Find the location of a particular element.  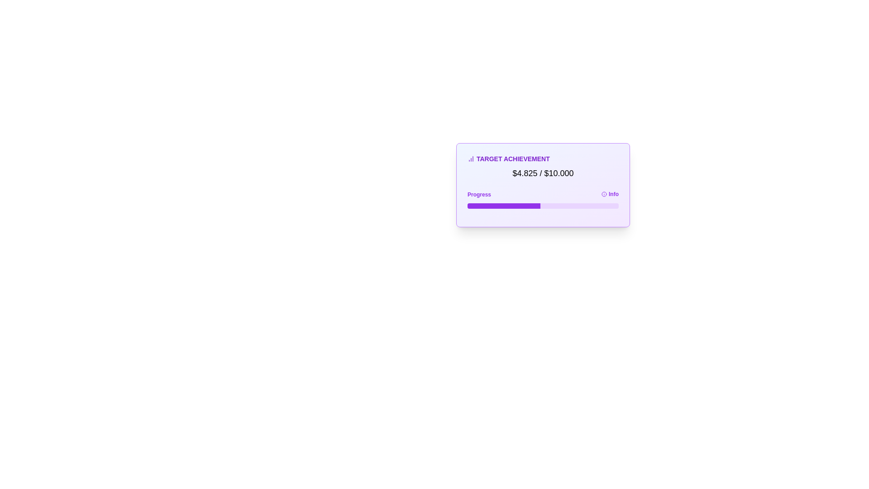

the small circular purple icon with the letter 'i' in the center, located in the bottom-right corner of the card next to the 'Info' text is located at coordinates (604, 193).